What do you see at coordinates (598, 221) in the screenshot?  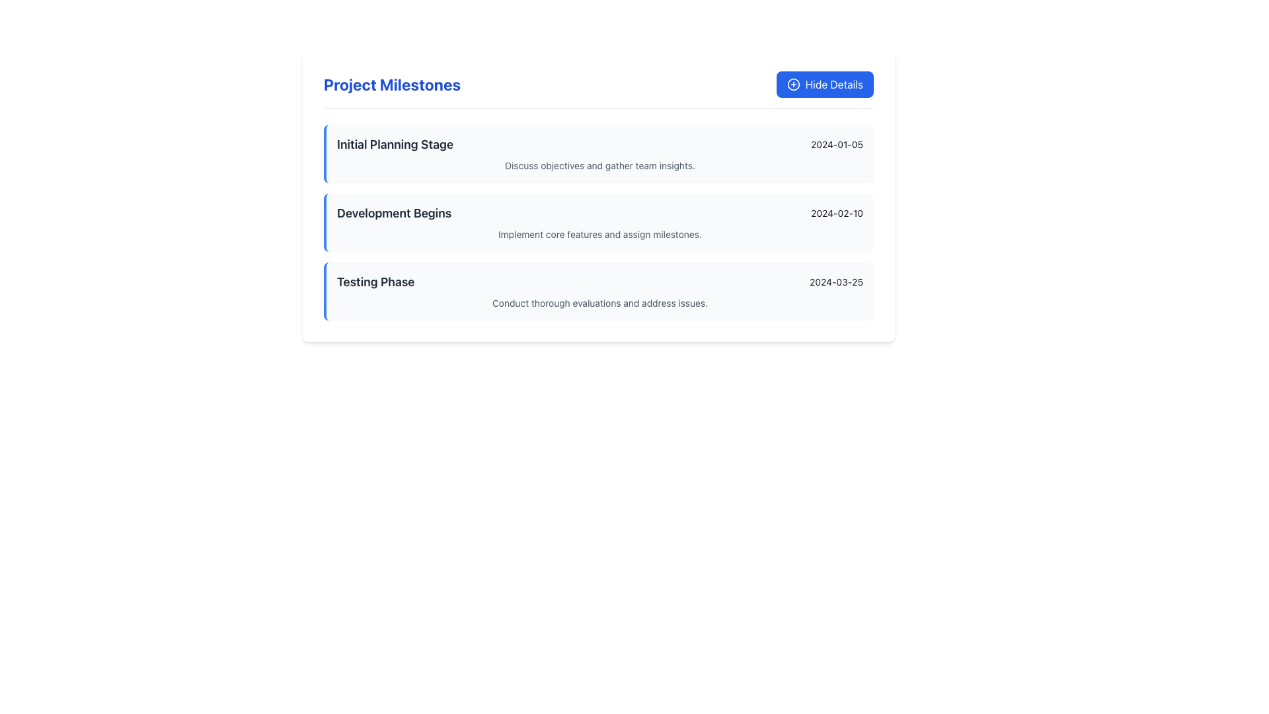 I see `the second informational card in the project timeline, which indicates a project milestone and is located centrally below 'Initial Planning Stage' and above 'Testing Phase'` at bounding box center [598, 221].